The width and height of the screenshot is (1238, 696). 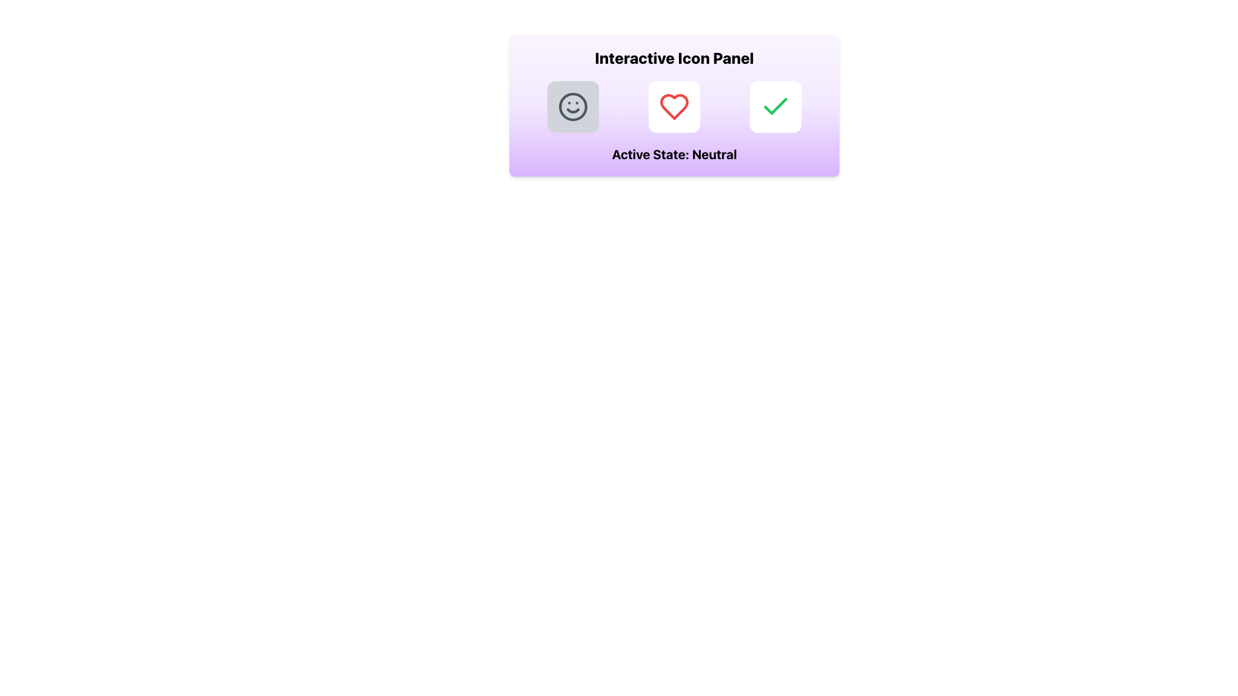 I want to click on the affirmative action SVG Icon located in the bottom-right corner of the interface, so click(x=775, y=106).